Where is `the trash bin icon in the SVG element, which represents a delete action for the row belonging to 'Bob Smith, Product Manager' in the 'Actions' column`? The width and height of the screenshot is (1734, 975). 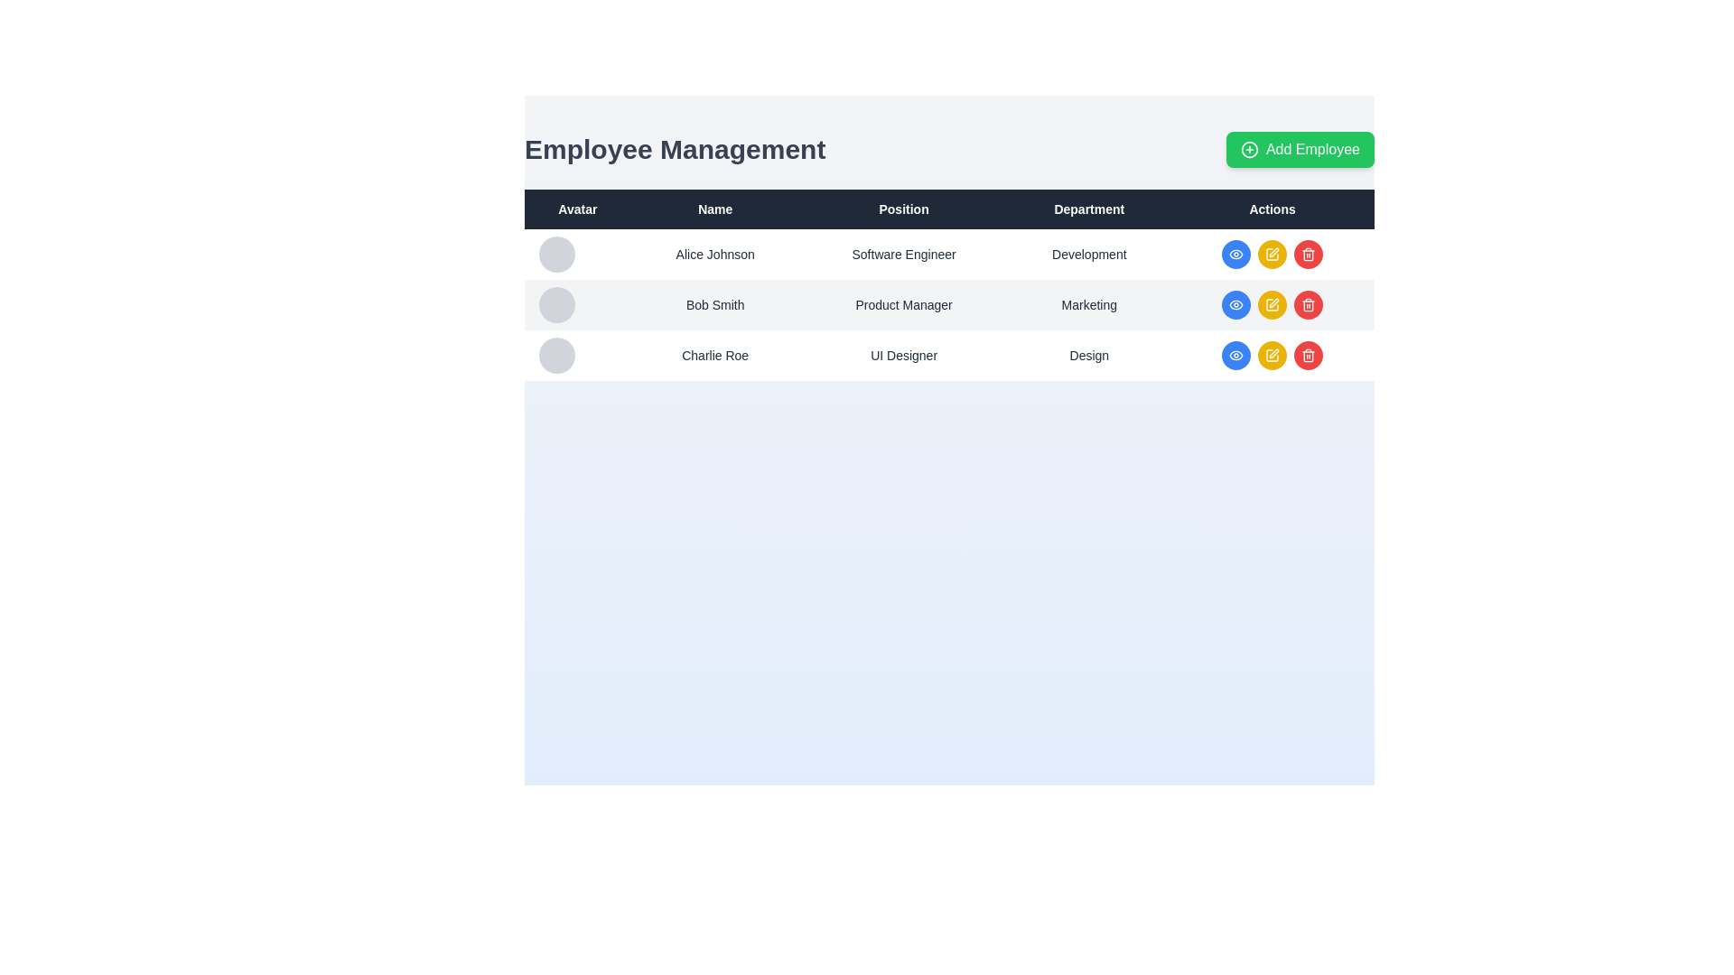 the trash bin icon in the SVG element, which represents a delete action for the row belonging to 'Bob Smith, Product Manager' in the 'Actions' column is located at coordinates (1309, 357).